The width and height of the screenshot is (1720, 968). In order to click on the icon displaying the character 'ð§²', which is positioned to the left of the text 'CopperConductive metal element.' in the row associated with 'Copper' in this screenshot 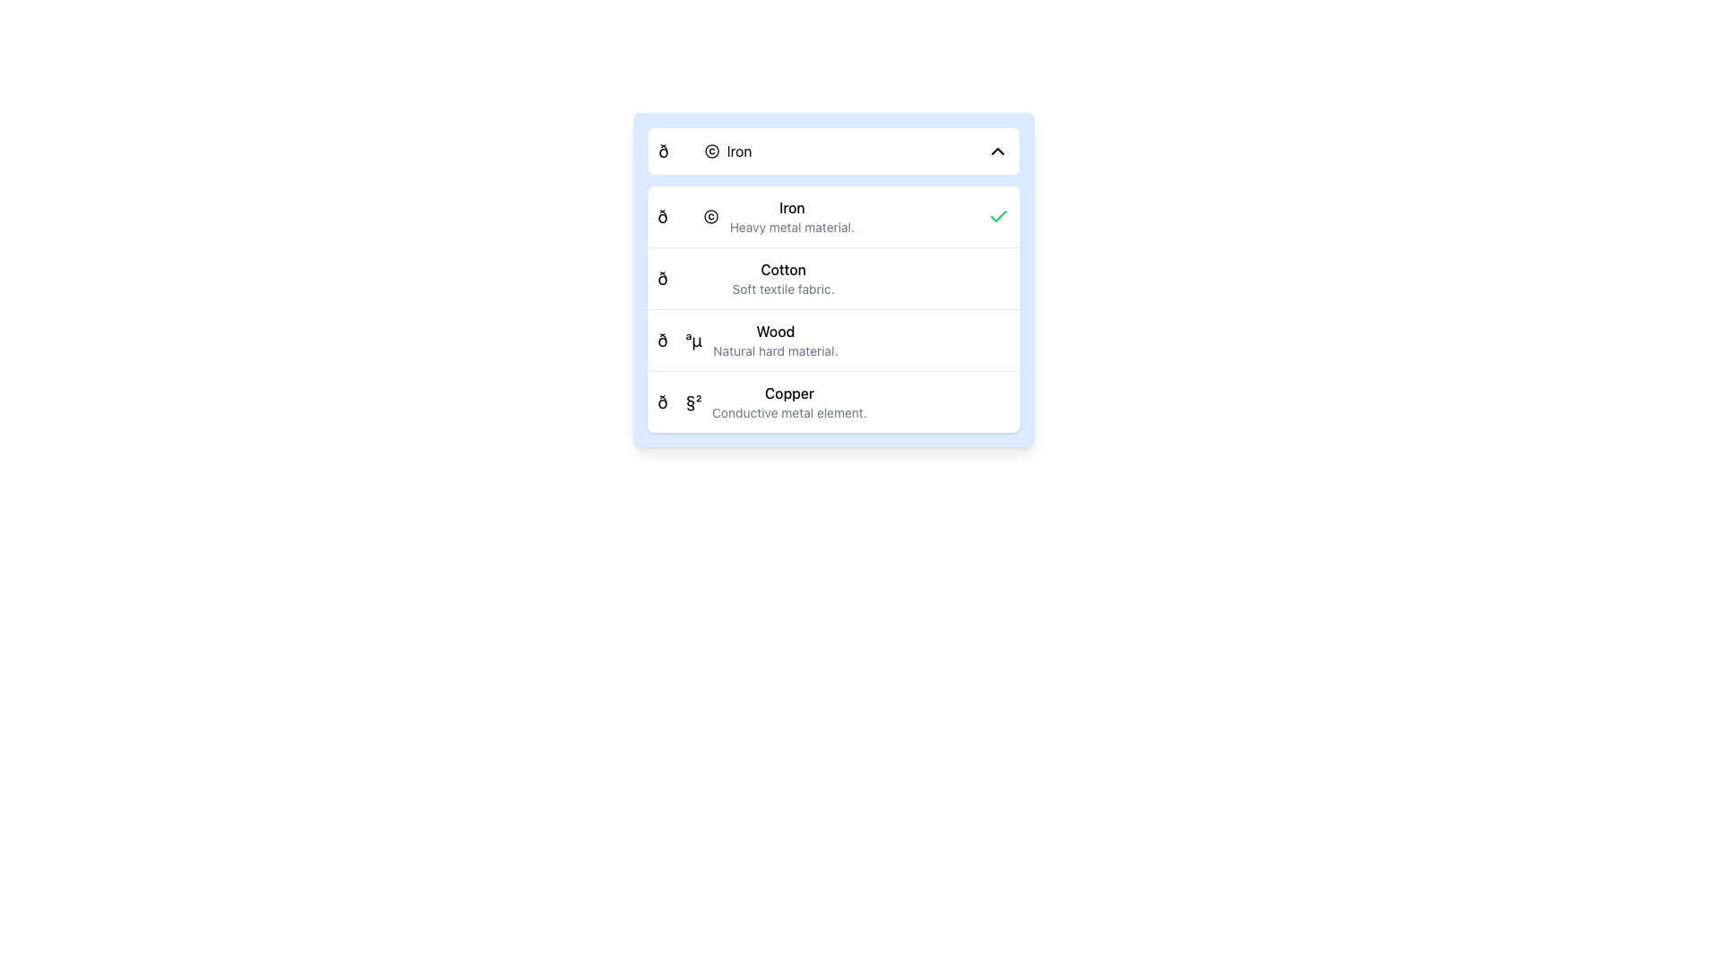, I will do `click(678, 401)`.